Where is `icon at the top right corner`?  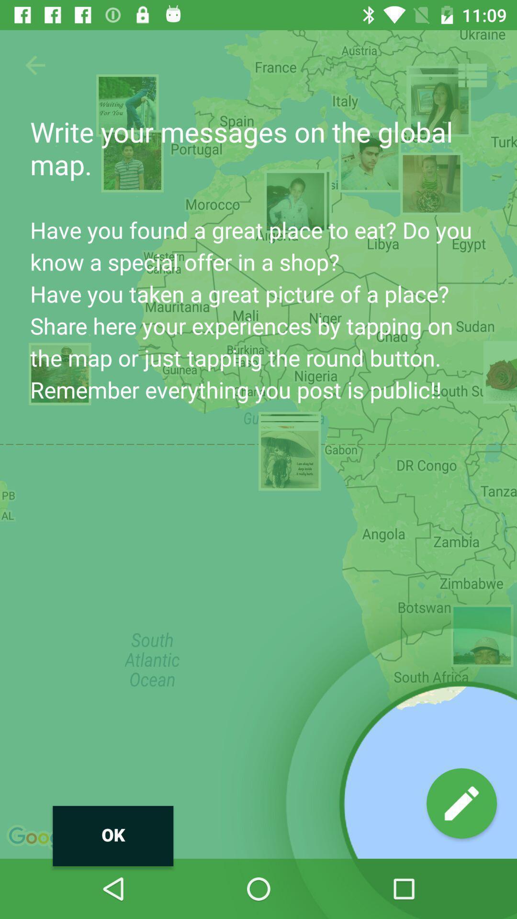
icon at the top right corner is located at coordinates (471, 75).